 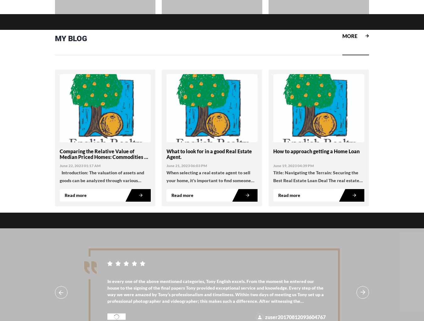 What do you see at coordinates (166, 165) in the screenshot?
I see `'June 21, 2023 06:03 PM'` at bounding box center [166, 165].